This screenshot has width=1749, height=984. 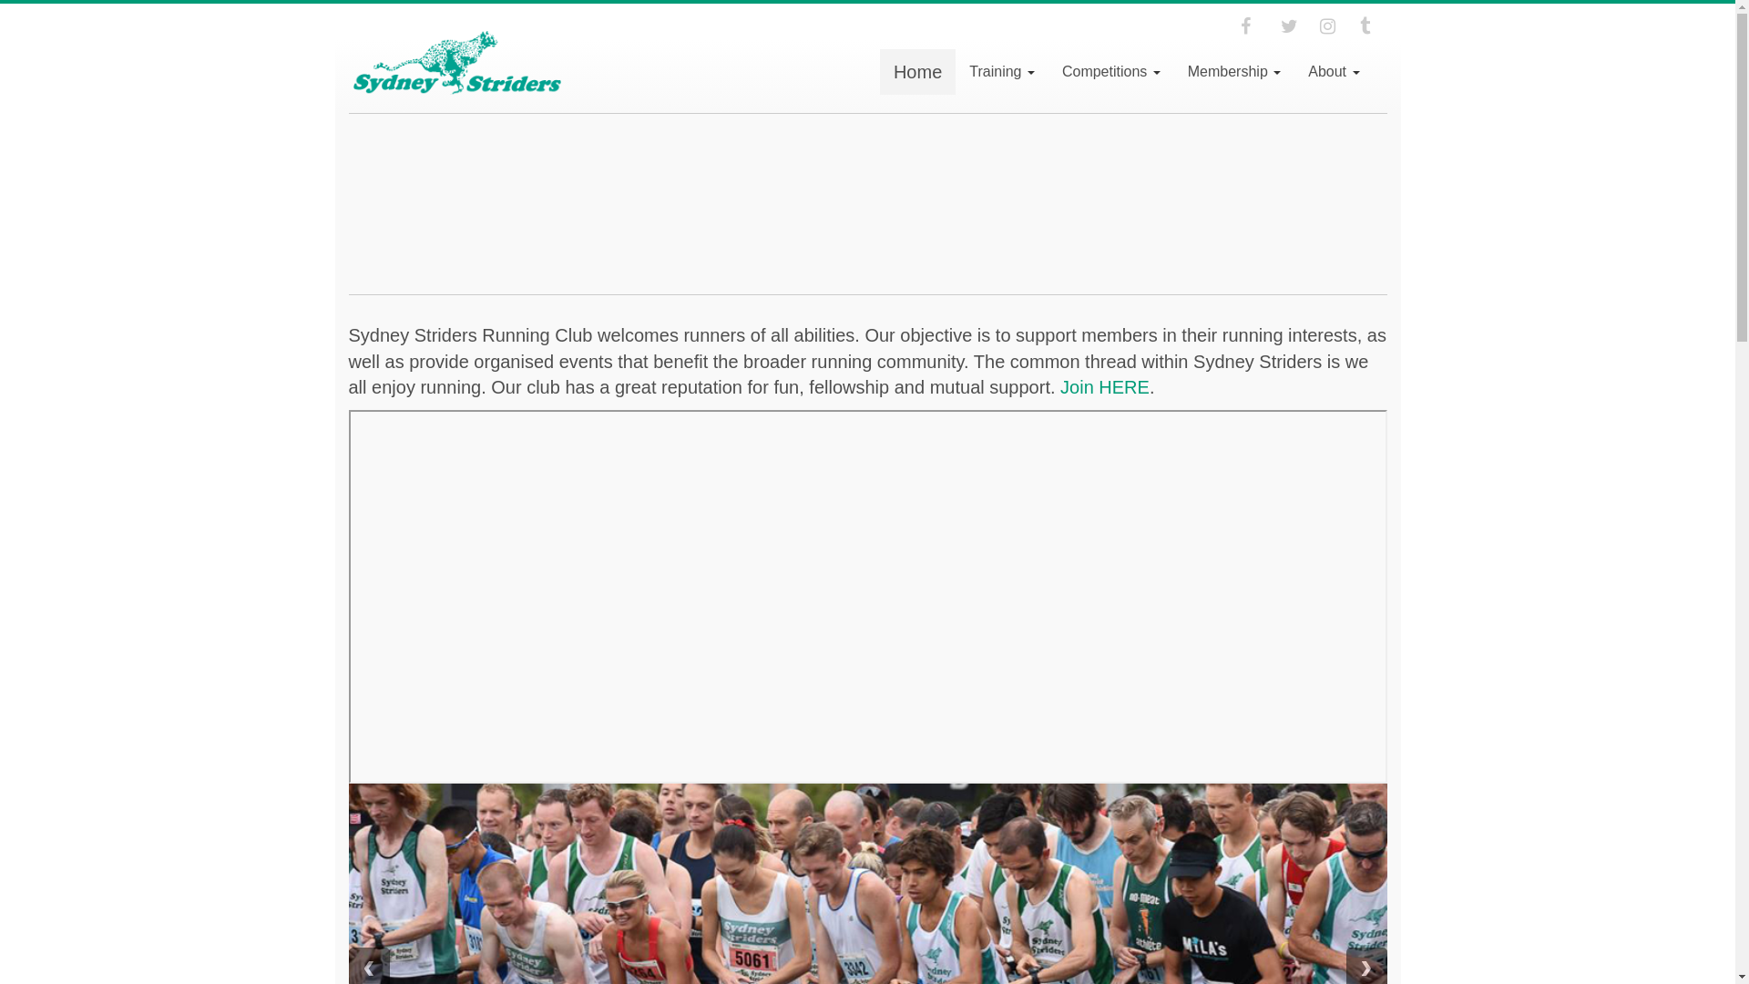 I want to click on 'facebook', so click(x=1253, y=26).